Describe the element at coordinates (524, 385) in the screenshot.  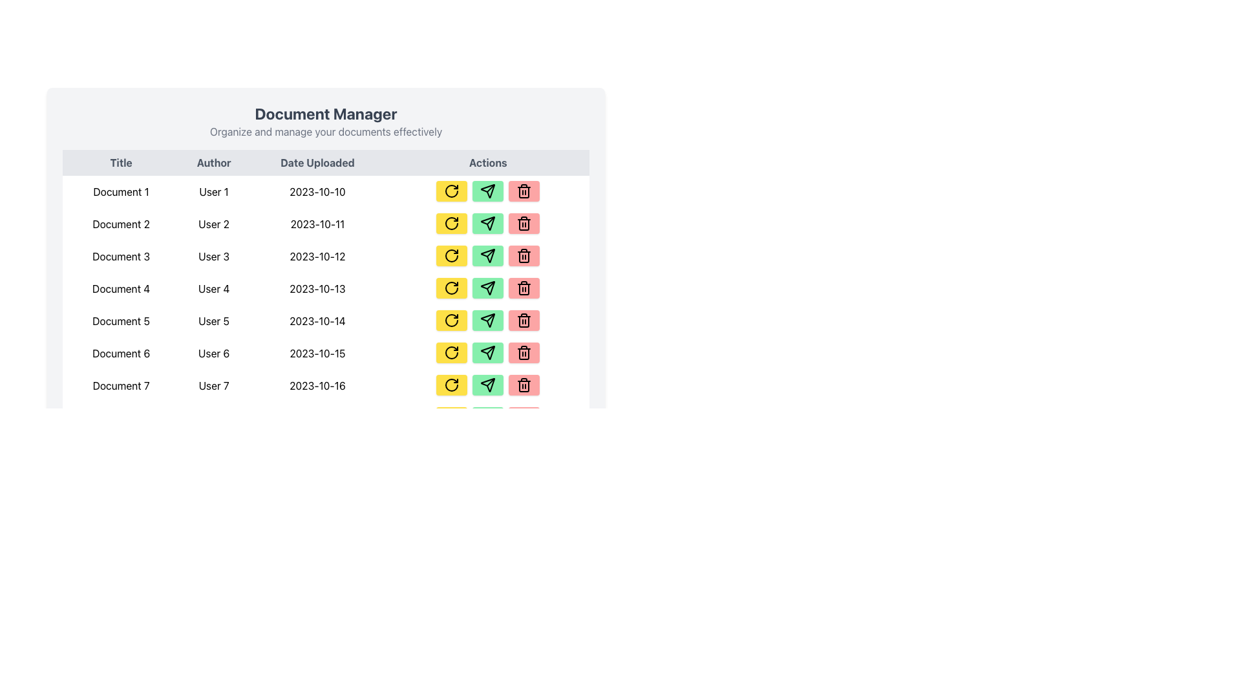
I see `the rounded rectangular red button with a trash can icon, which is the third button in the 'Actions' column of the seventh row in the table, to observe visual feedback` at that location.